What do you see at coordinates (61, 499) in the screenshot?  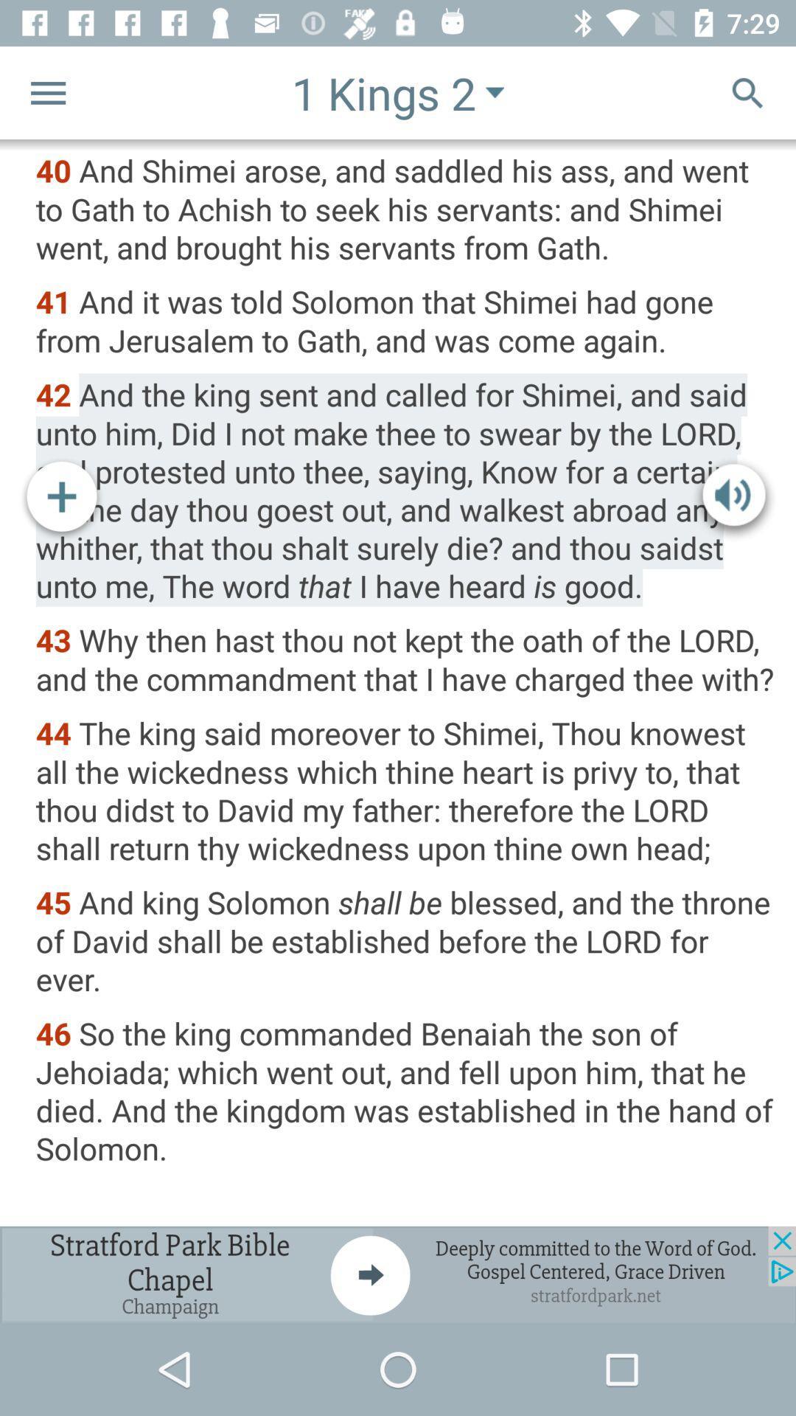 I see `to reading plan` at bounding box center [61, 499].